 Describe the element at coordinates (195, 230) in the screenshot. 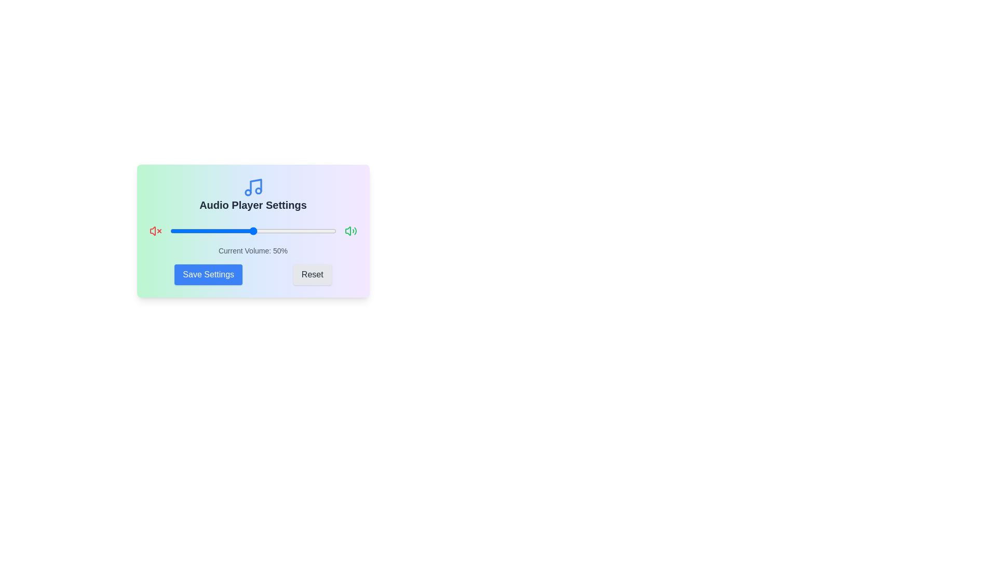

I see `the slider value` at that location.